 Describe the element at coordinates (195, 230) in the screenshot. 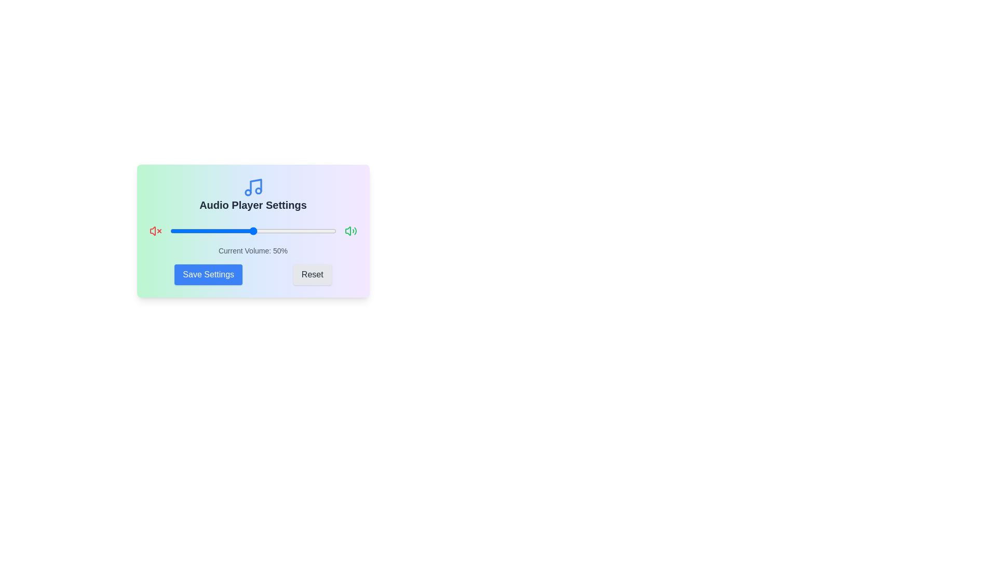

I see `the slider value` at that location.